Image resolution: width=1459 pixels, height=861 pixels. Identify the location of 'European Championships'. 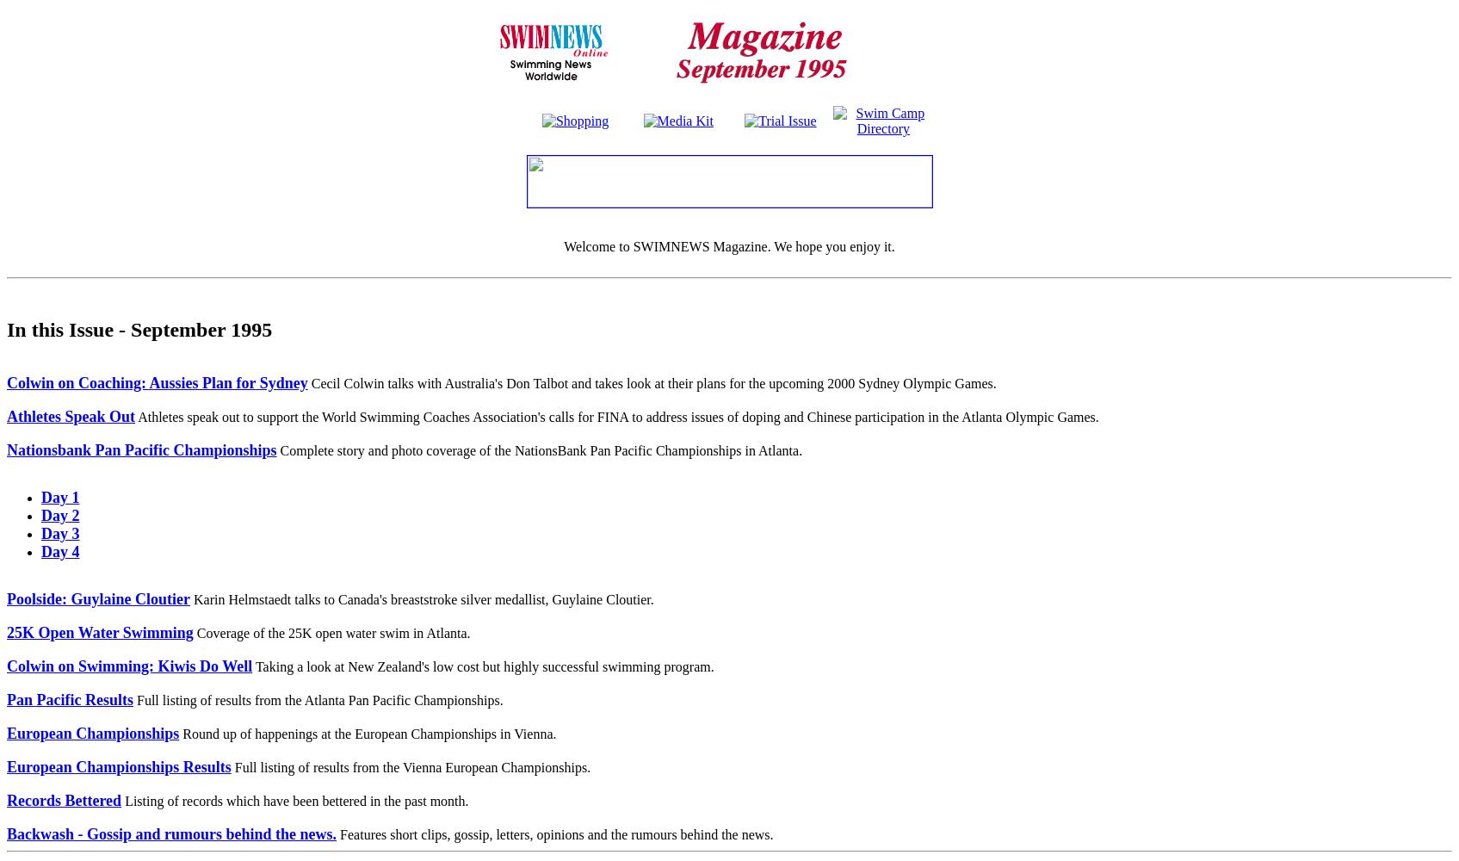
(91, 732).